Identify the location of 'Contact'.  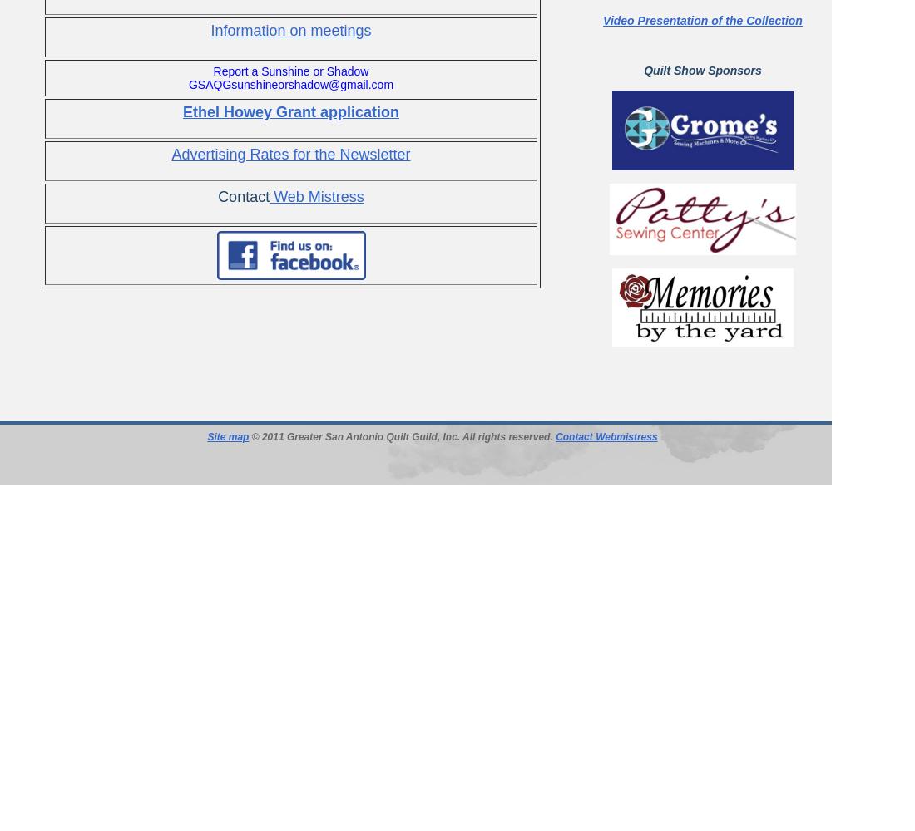
(243, 196).